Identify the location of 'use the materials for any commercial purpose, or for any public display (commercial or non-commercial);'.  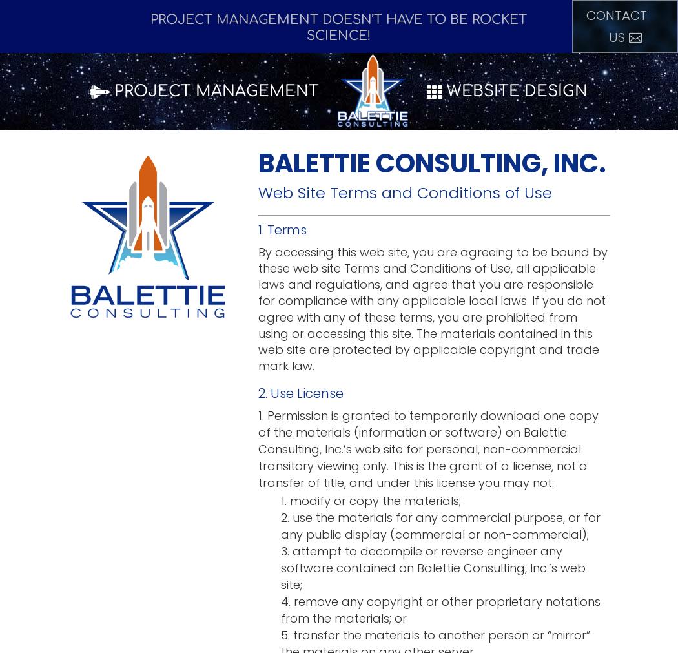
(440, 525).